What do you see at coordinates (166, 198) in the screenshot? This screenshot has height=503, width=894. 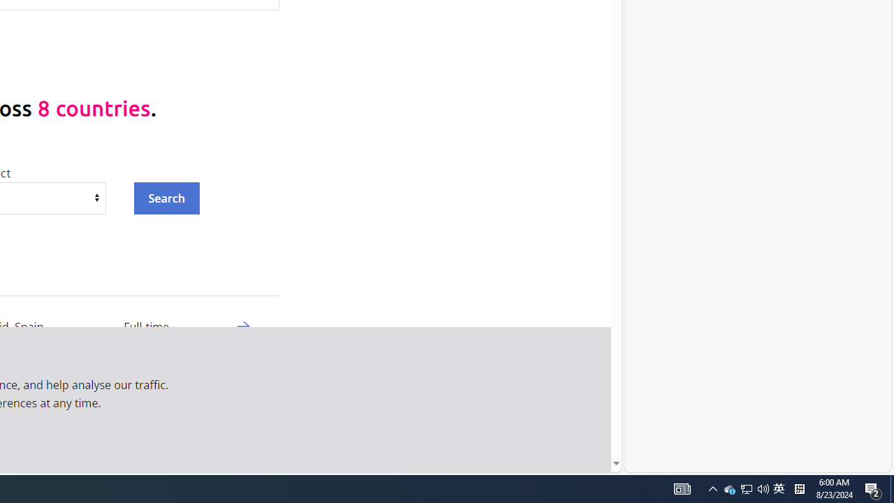 I see `'Search'` at bounding box center [166, 198].